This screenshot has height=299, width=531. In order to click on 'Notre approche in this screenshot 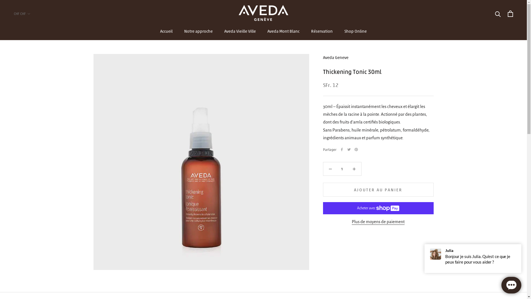, I will do `click(198, 31)`.